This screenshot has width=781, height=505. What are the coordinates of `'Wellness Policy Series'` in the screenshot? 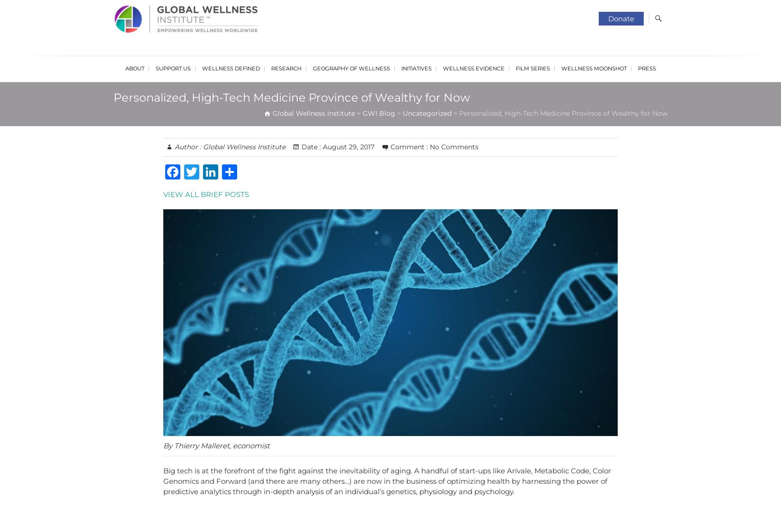 It's located at (299, 162).